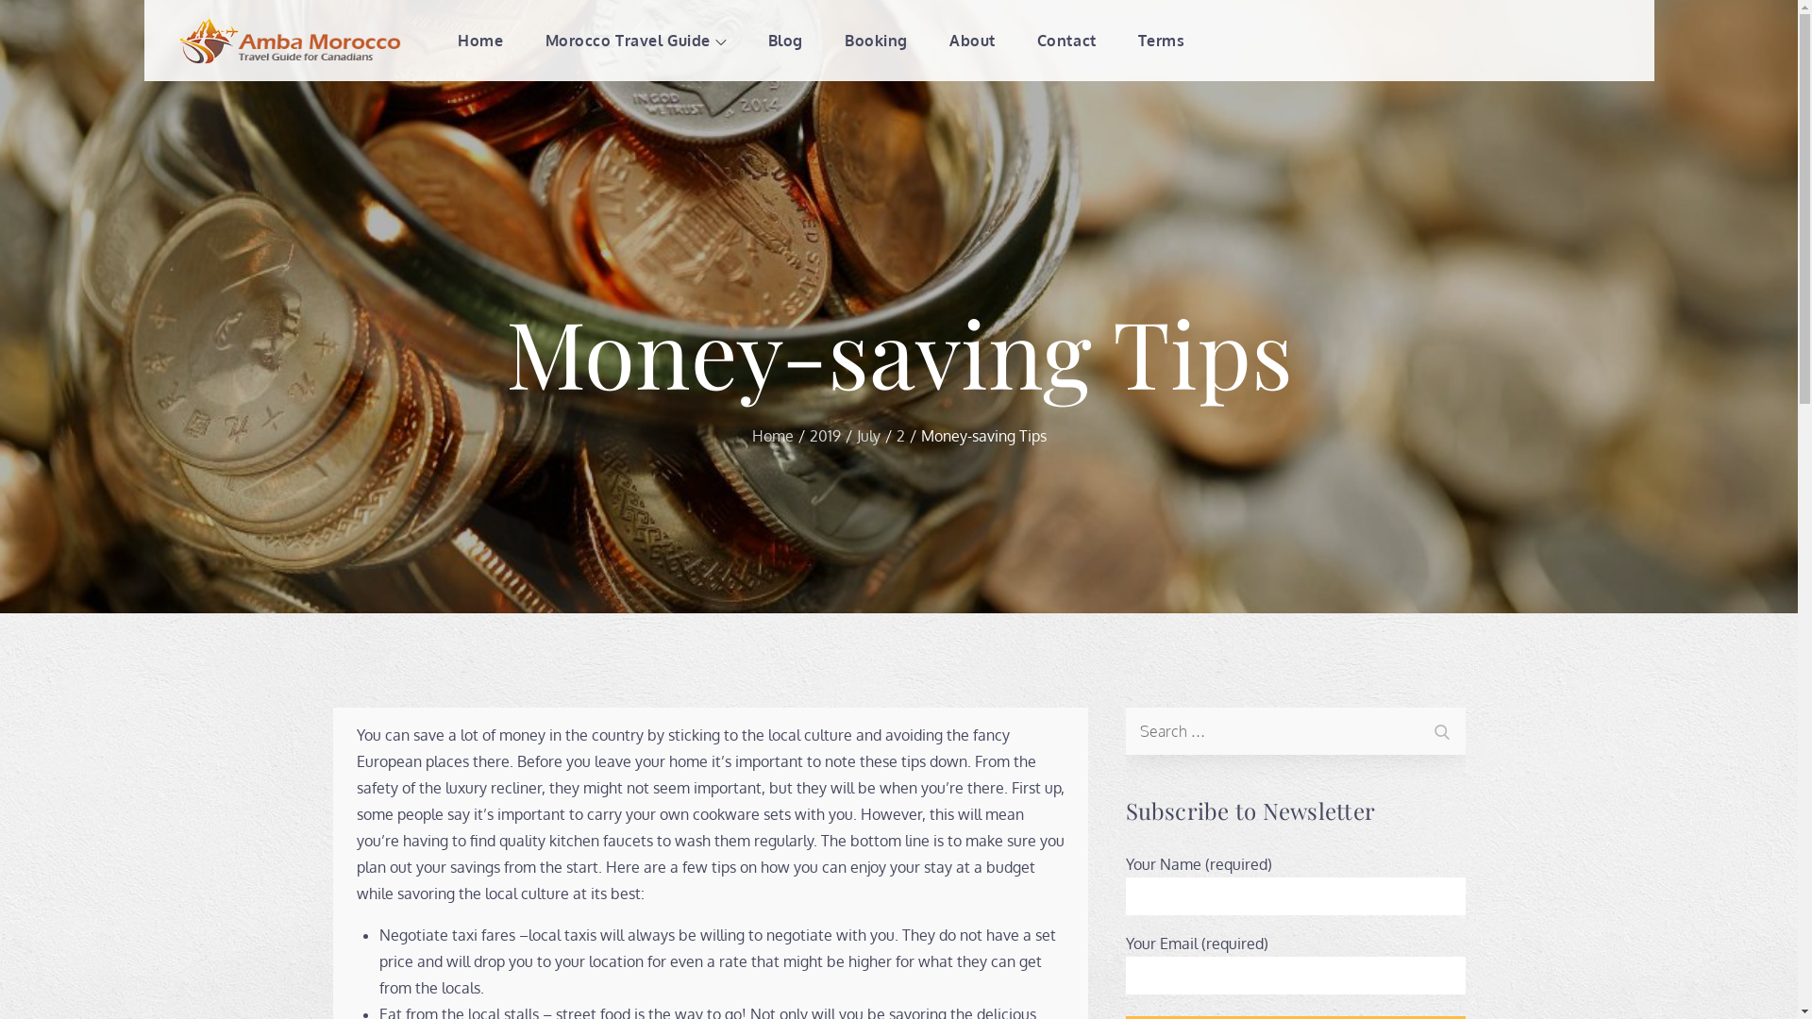 The image size is (1812, 1019). I want to click on 'Search', so click(1439, 727).